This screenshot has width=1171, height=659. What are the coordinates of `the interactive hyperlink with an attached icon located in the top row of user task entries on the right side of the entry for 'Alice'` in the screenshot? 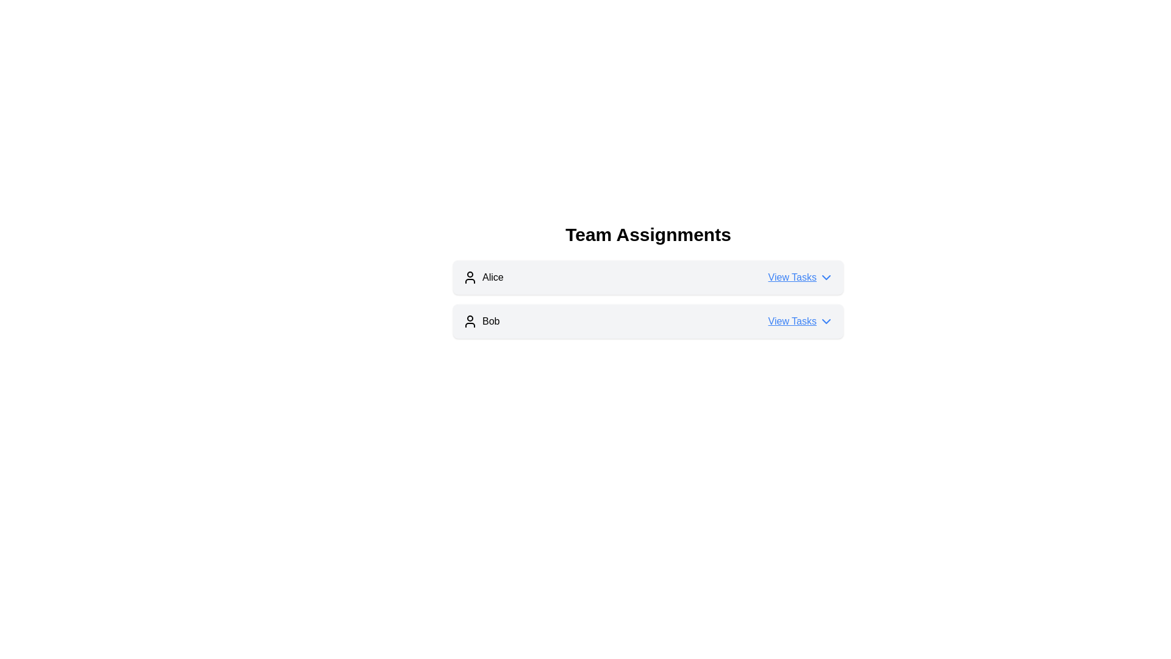 It's located at (801, 278).